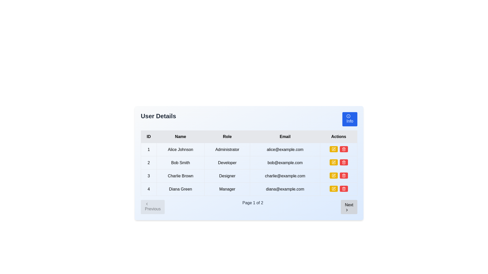 The width and height of the screenshot is (488, 274). I want to click on the 'Role' text label in the table header, which is the third column header in a row of headers that includes 'ID', 'Name', 'Role', 'Email', and 'Actions'. It has a bold style and a light gray background, so click(227, 136).